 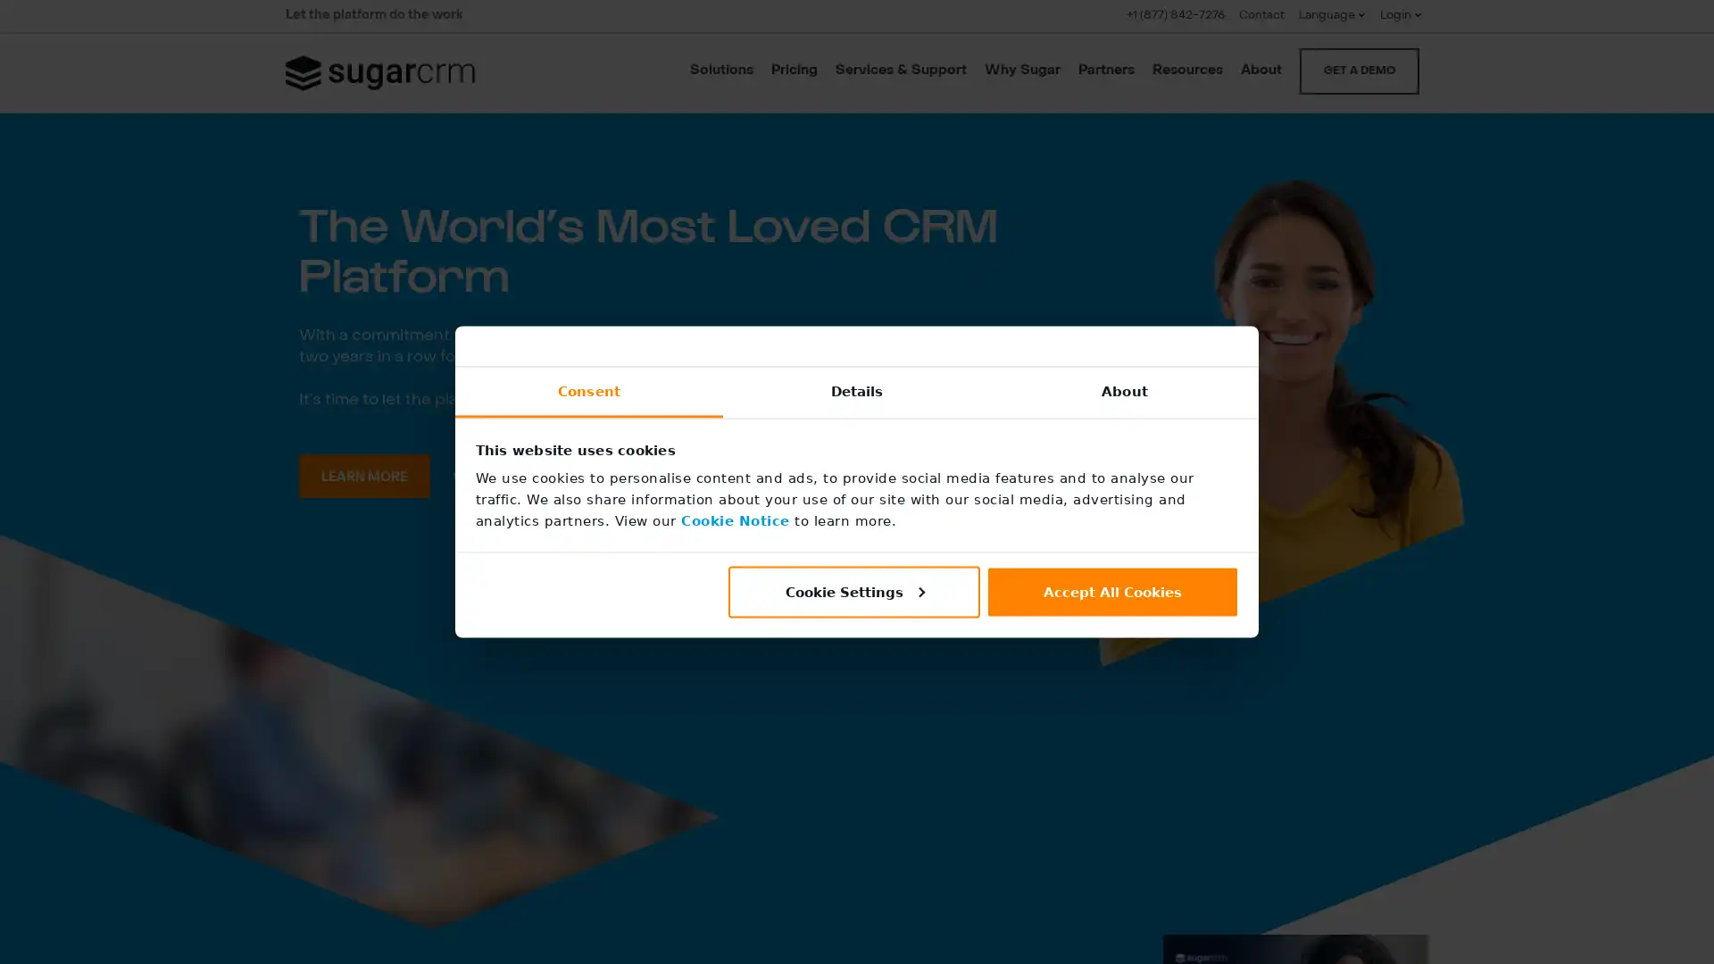 I want to click on WATCH VIDEO, so click(x=504, y=474).